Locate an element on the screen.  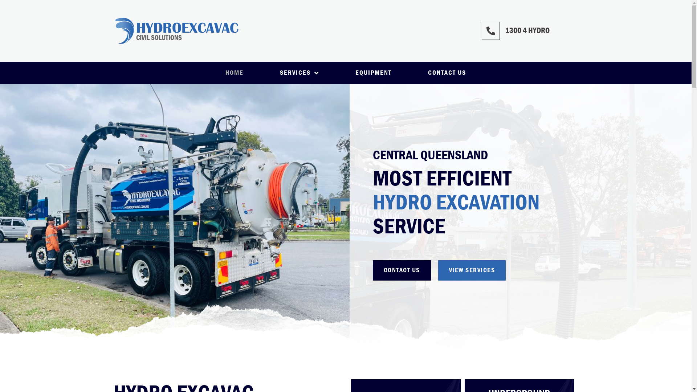
'1300 4 HYDRO' is located at coordinates (505, 30).